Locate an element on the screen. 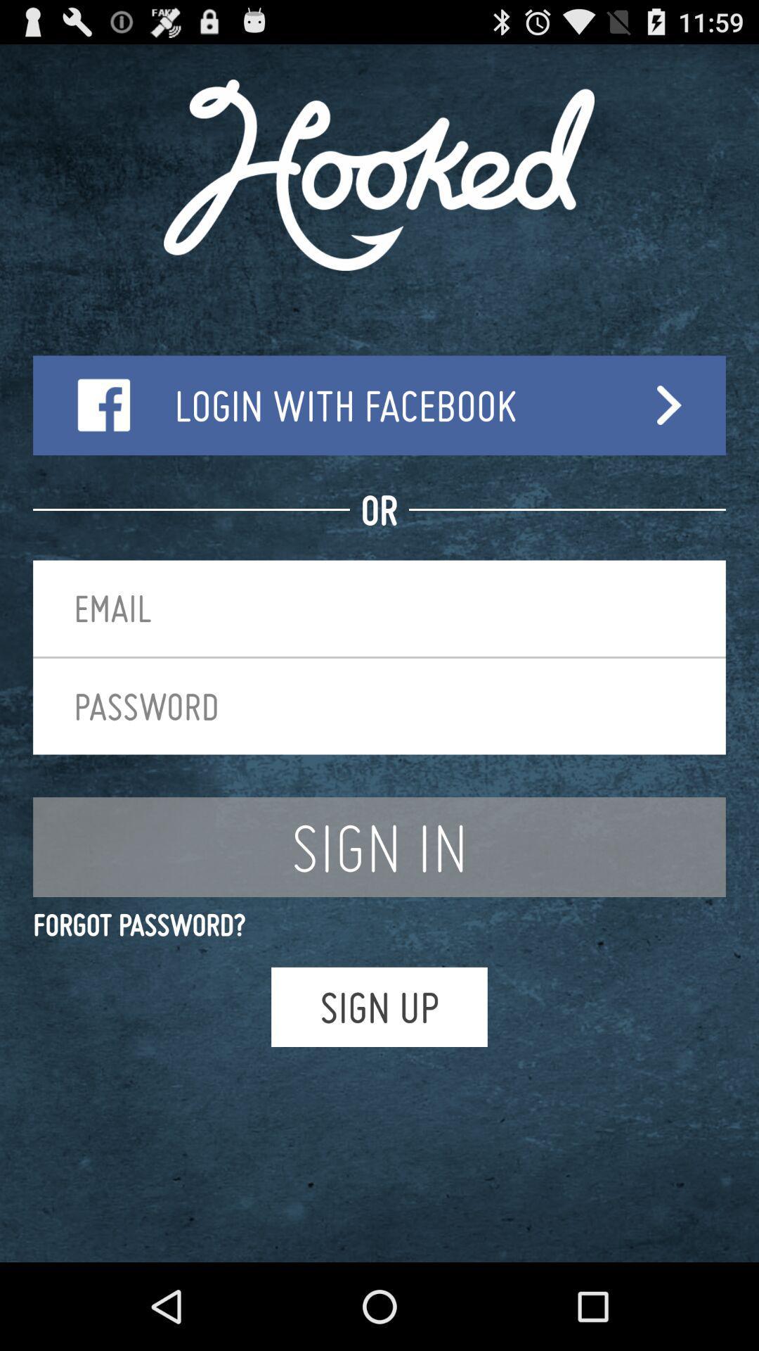  button below sign in item is located at coordinates (379, 925).